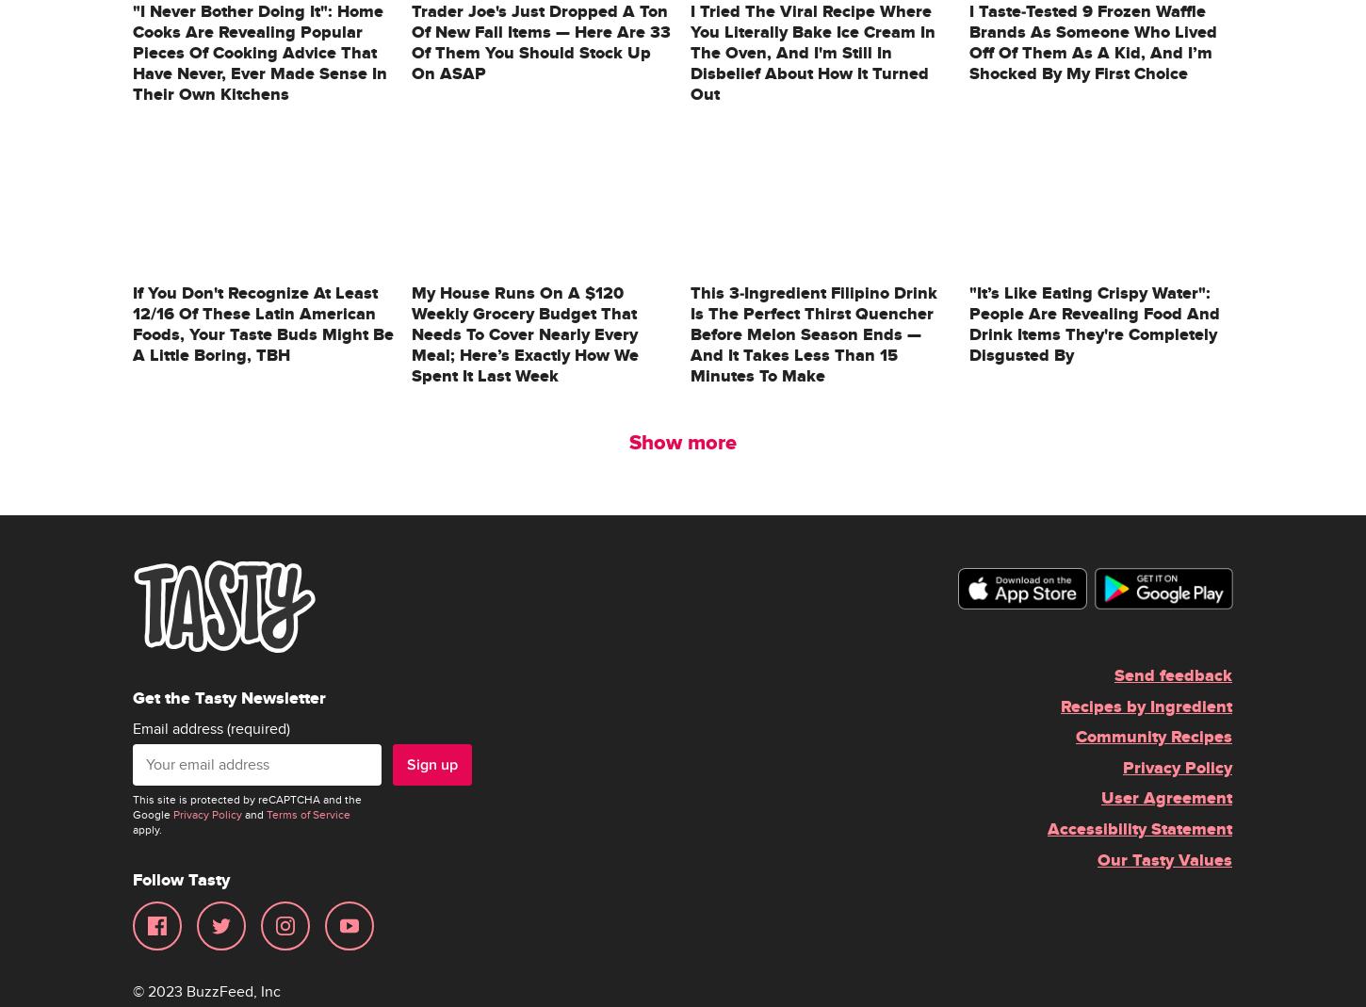  Describe the element at coordinates (131, 879) in the screenshot. I see `'Follow Tasty'` at that location.